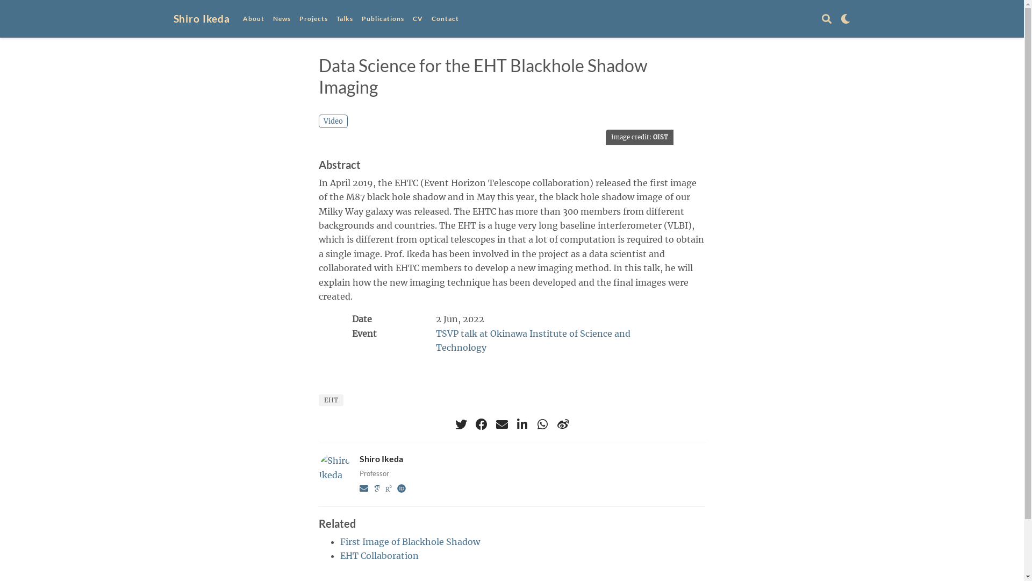  I want to click on 'First Image of Blackhole Shadow', so click(409, 541).